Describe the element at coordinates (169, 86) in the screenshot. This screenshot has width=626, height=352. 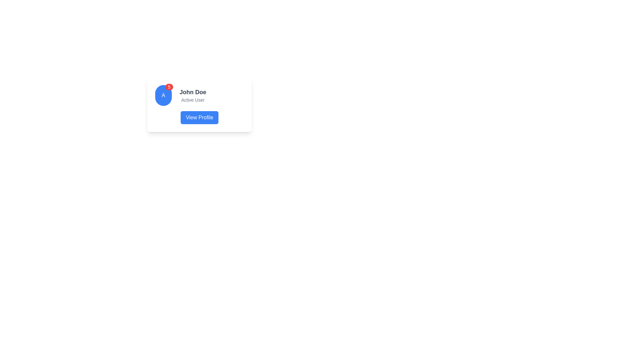
I see `the Notification Badge, a small circular badge with a red background and the number '5' in white text, located at the top-right corner of the blue circular element marked with 'A'` at that location.